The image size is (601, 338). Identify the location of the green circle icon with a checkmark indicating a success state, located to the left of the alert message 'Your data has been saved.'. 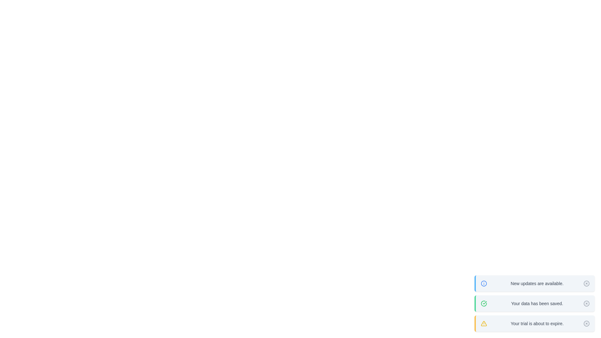
(483, 303).